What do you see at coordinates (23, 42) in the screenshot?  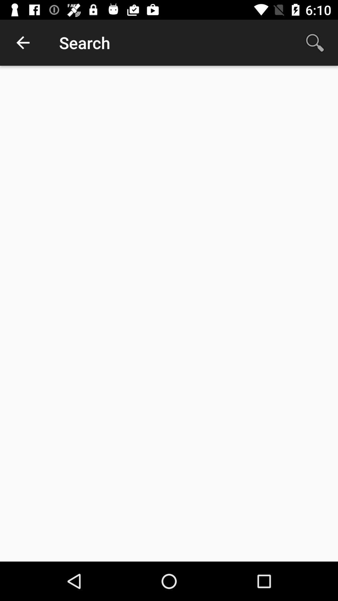 I see `item next to the search` at bounding box center [23, 42].